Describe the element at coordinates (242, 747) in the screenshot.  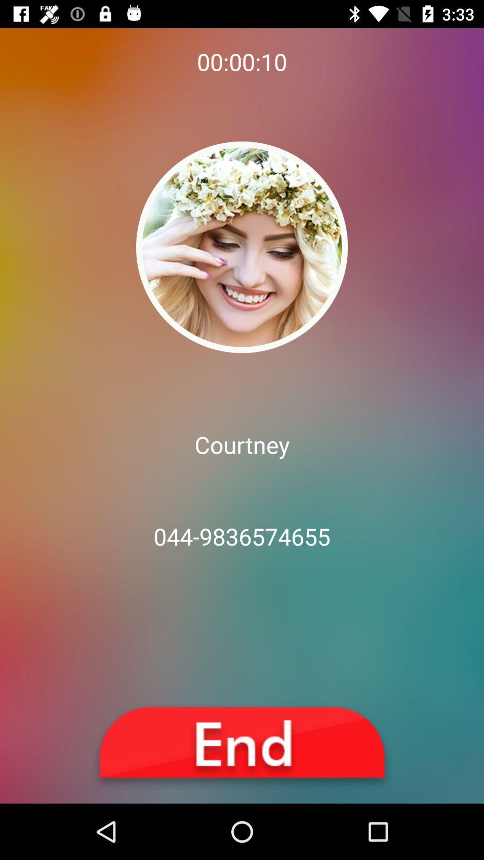
I see `end option` at that location.